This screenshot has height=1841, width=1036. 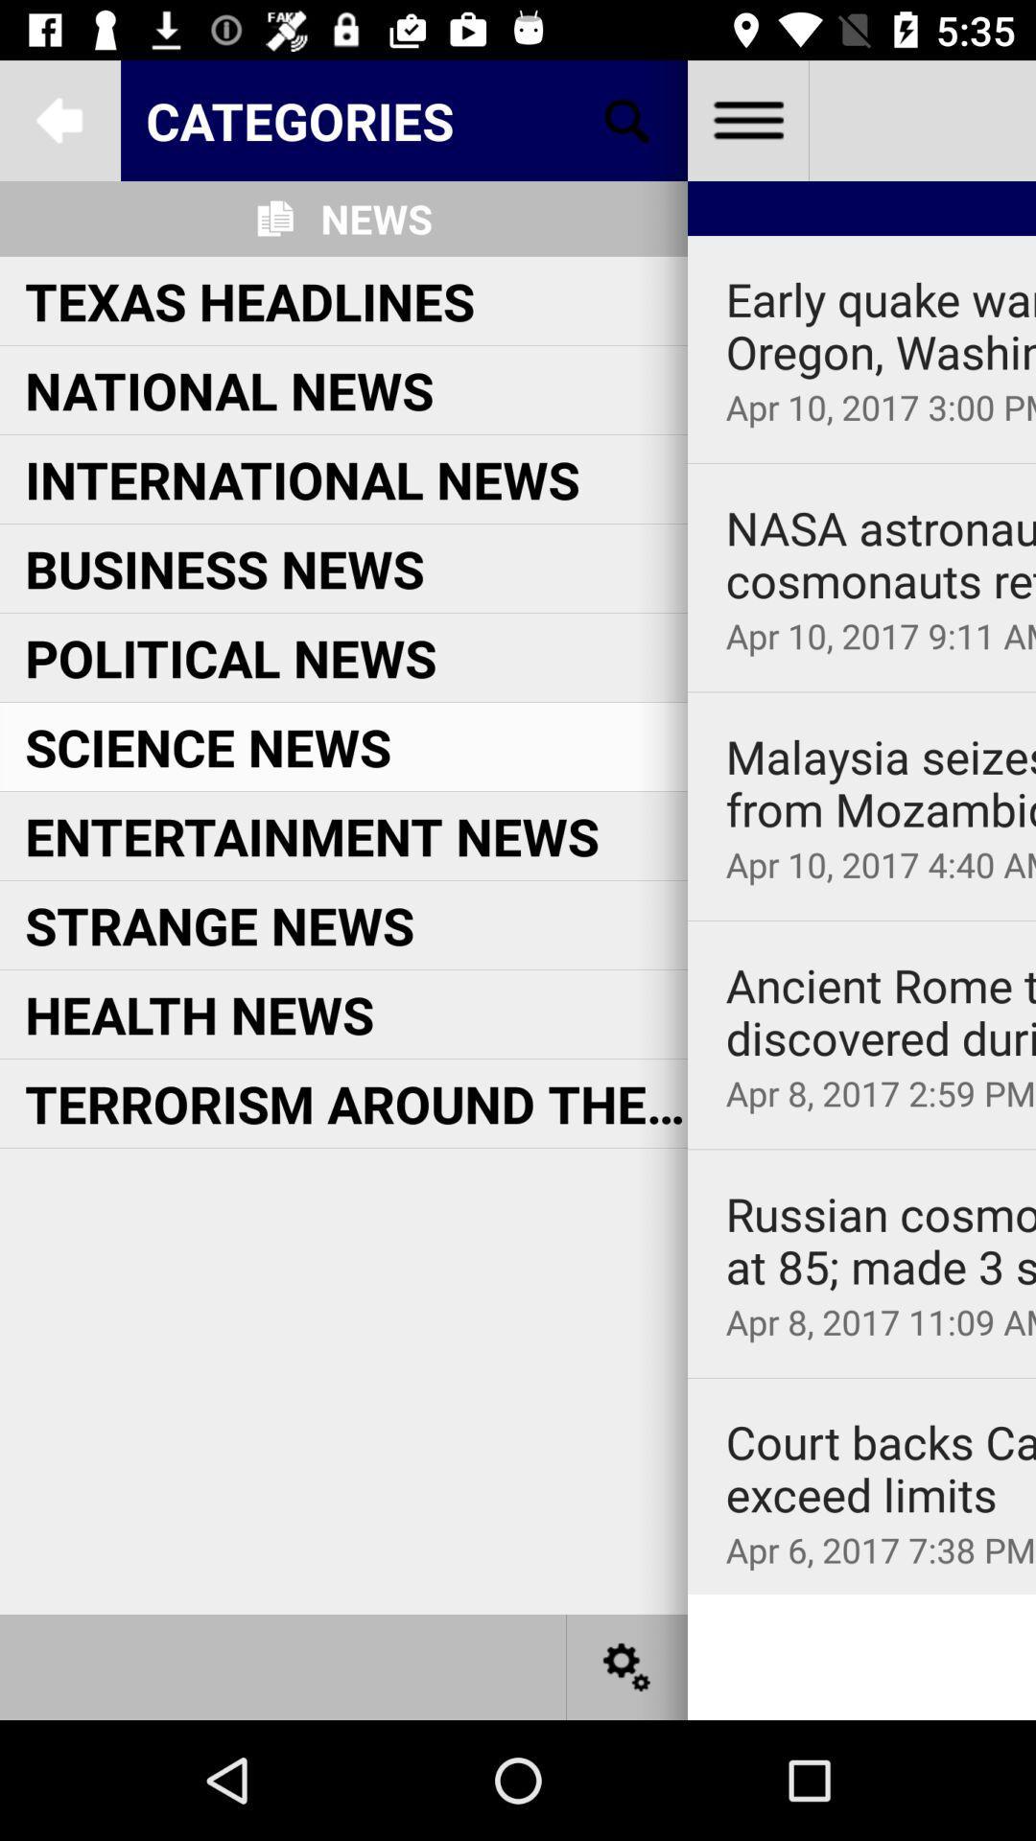 I want to click on choose from menu, so click(x=746, y=119).